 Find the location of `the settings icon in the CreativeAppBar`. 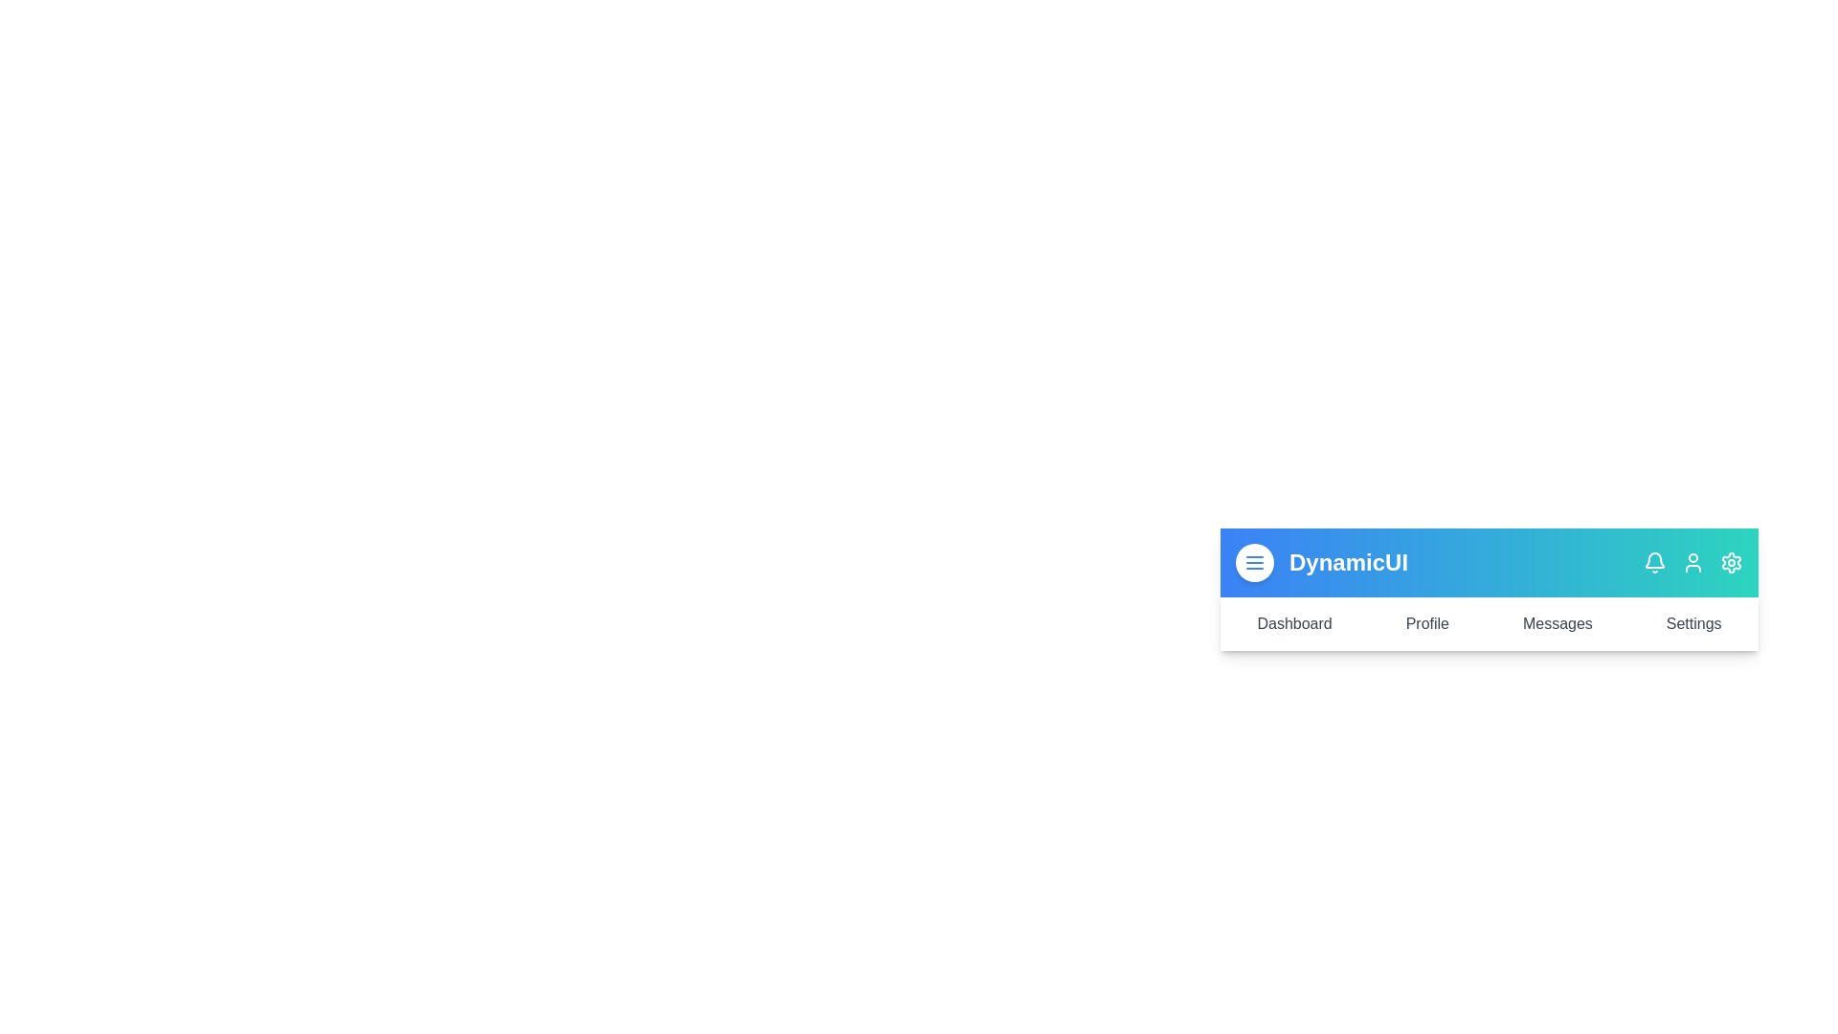

the settings icon in the CreativeAppBar is located at coordinates (1732, 561).